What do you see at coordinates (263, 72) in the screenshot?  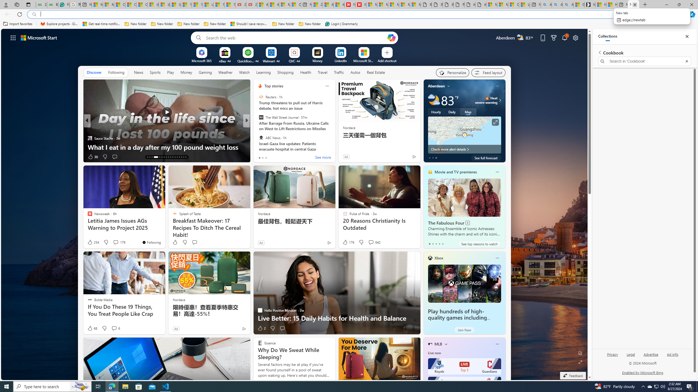 I see `'Learning'` at bounding box center [263, 72].